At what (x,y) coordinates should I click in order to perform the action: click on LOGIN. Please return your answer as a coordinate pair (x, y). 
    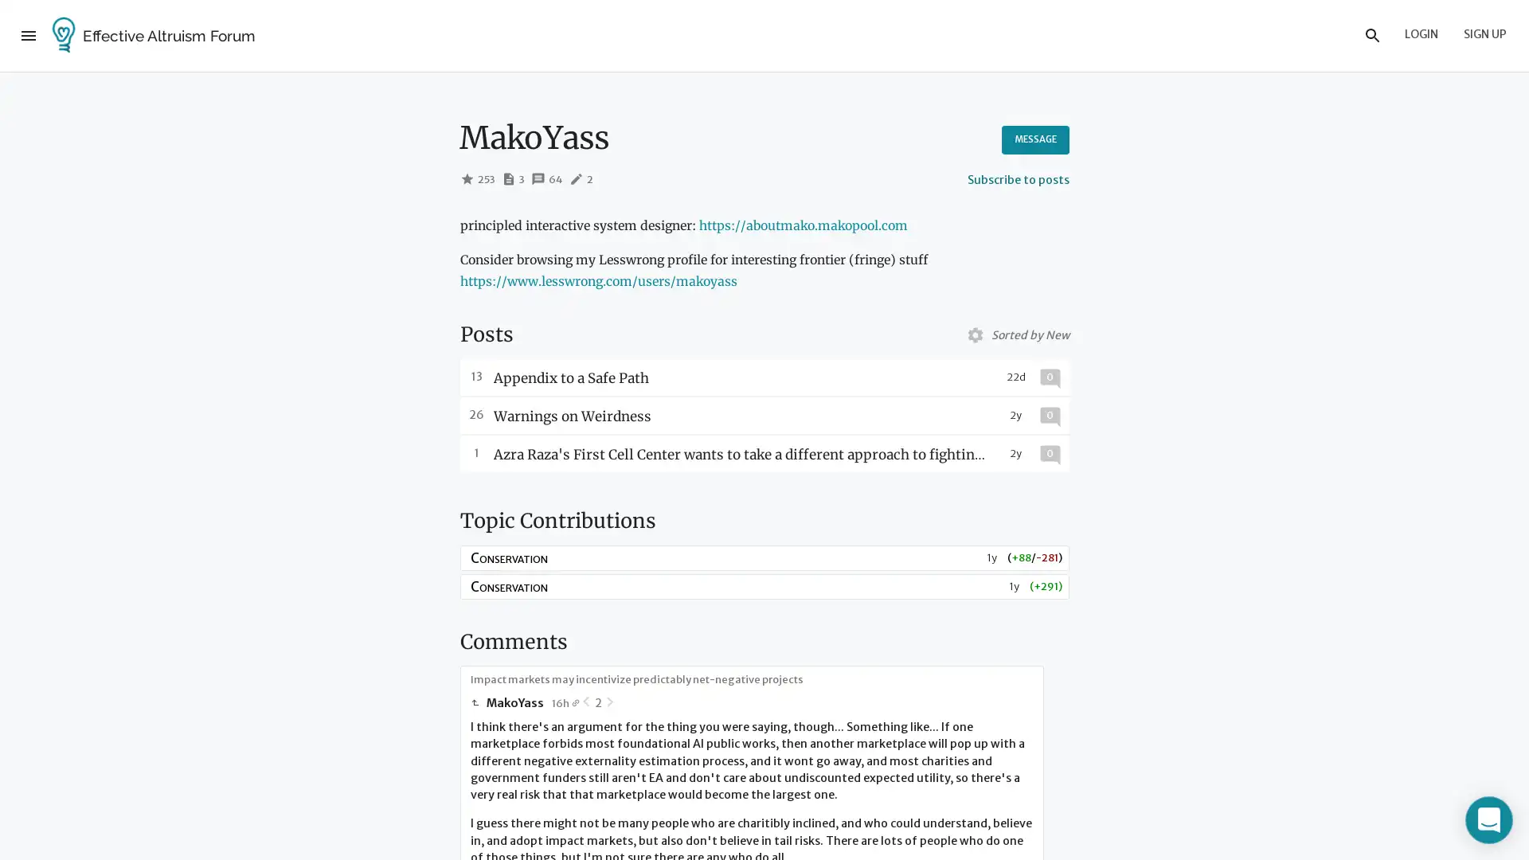
    Looking at the image, I should click on (1421, 34).